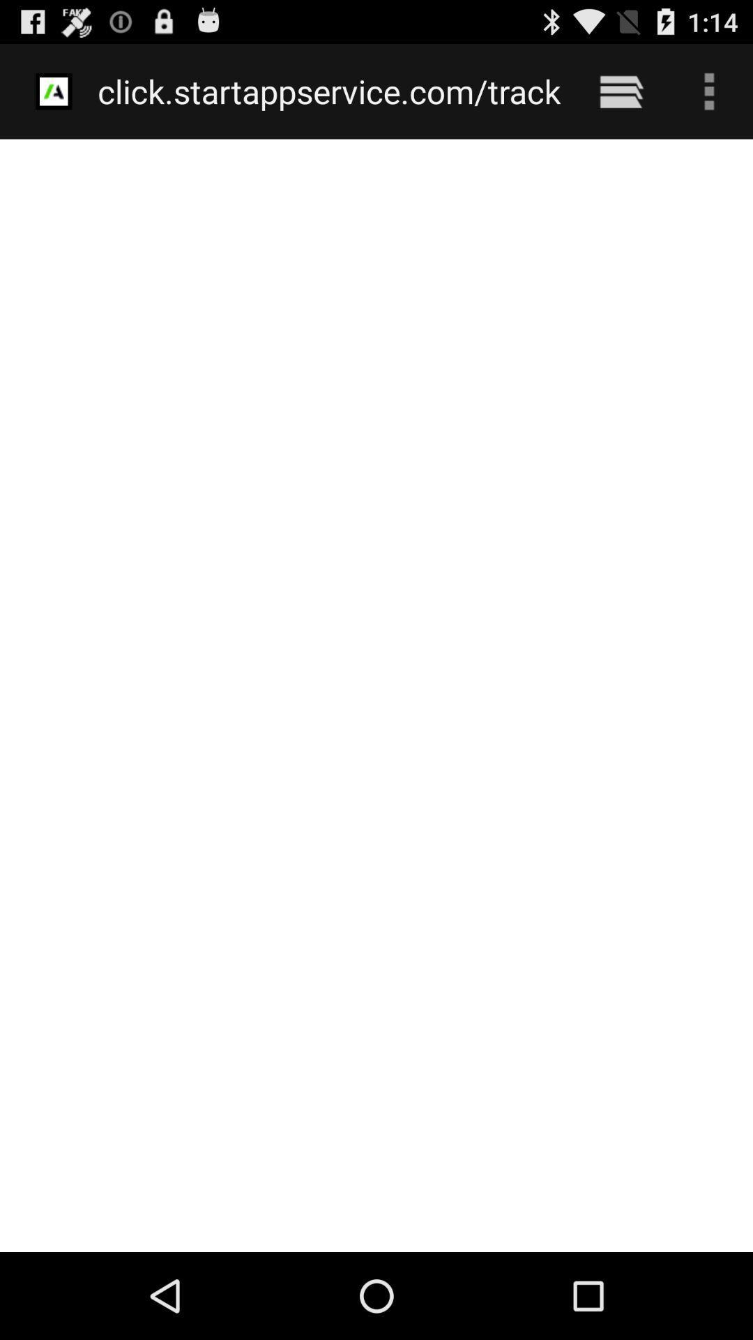 The image size is (753, 1340). What do you see at coordinates (376, 695) in the screenshot?
I see `the item at the center` at bounding box center [376, 695].